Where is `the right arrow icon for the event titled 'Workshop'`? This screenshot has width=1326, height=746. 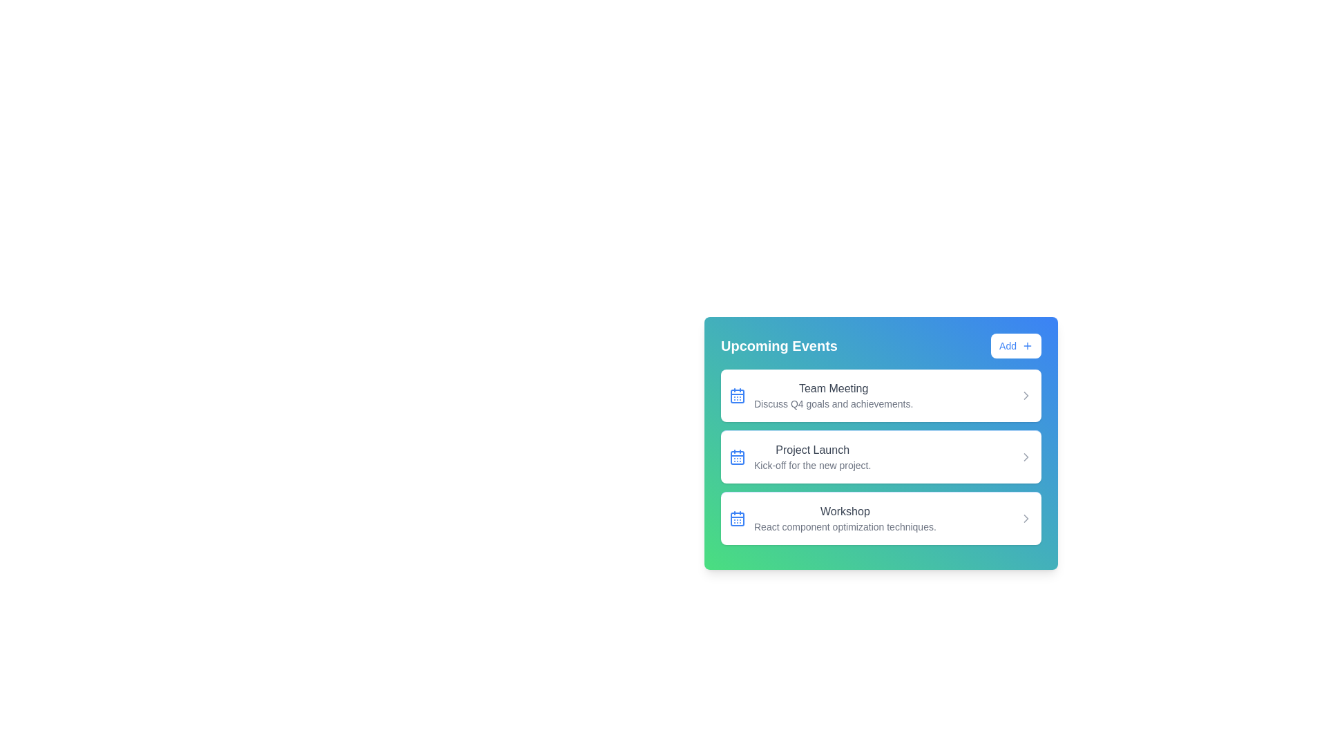 the right arrow icon for the event titled 'Workshop' is located at coordinates (1026, 519).